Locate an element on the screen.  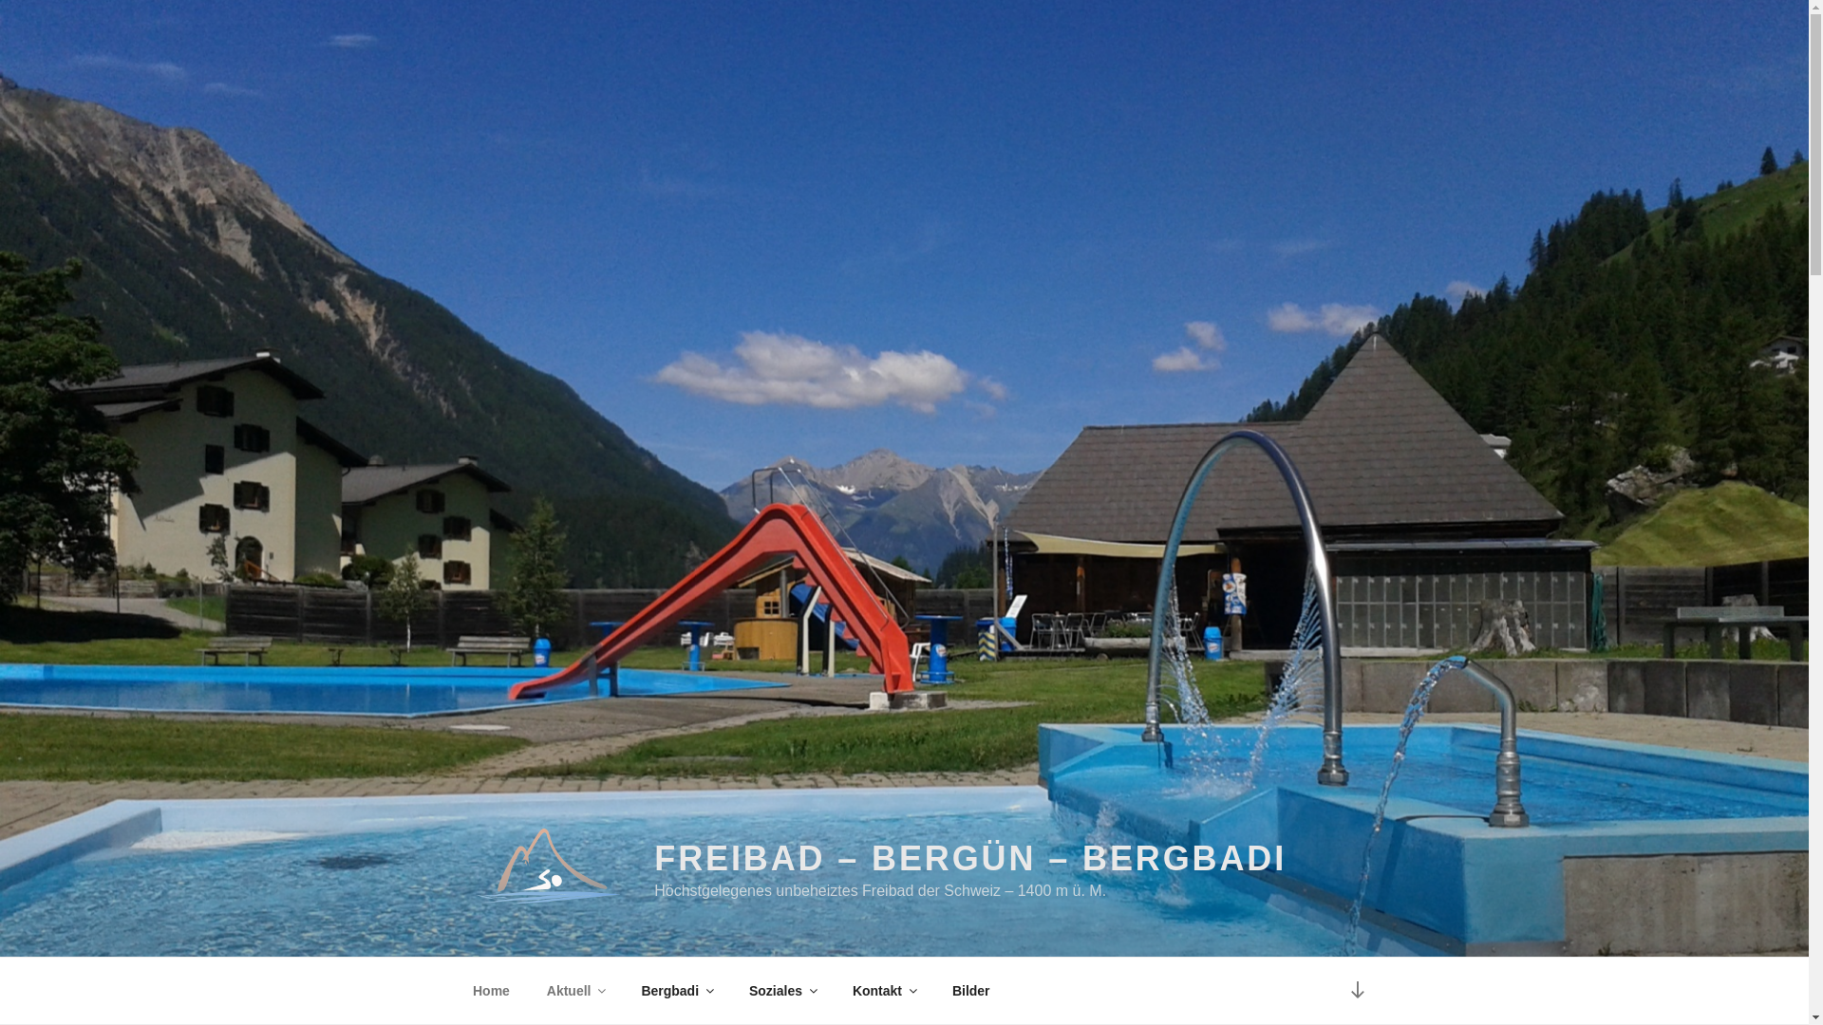
'Bilder' is located at coordinates (970, 990).